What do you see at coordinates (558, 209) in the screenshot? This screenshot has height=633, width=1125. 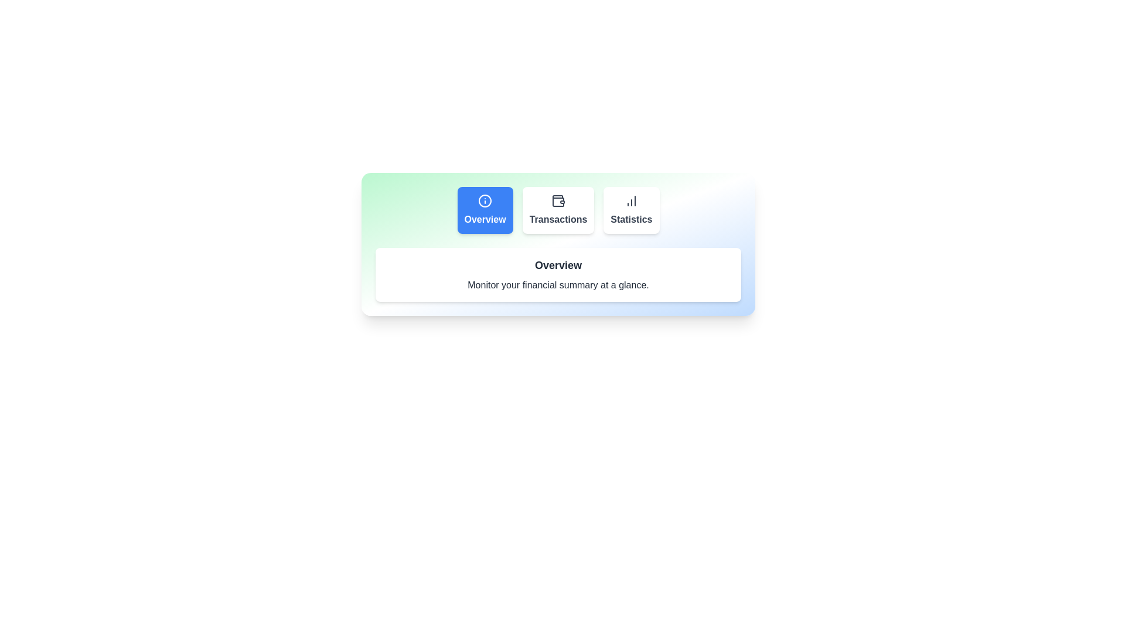 I see `the Transactions tab to view its content` at bounding box center [558, 209].